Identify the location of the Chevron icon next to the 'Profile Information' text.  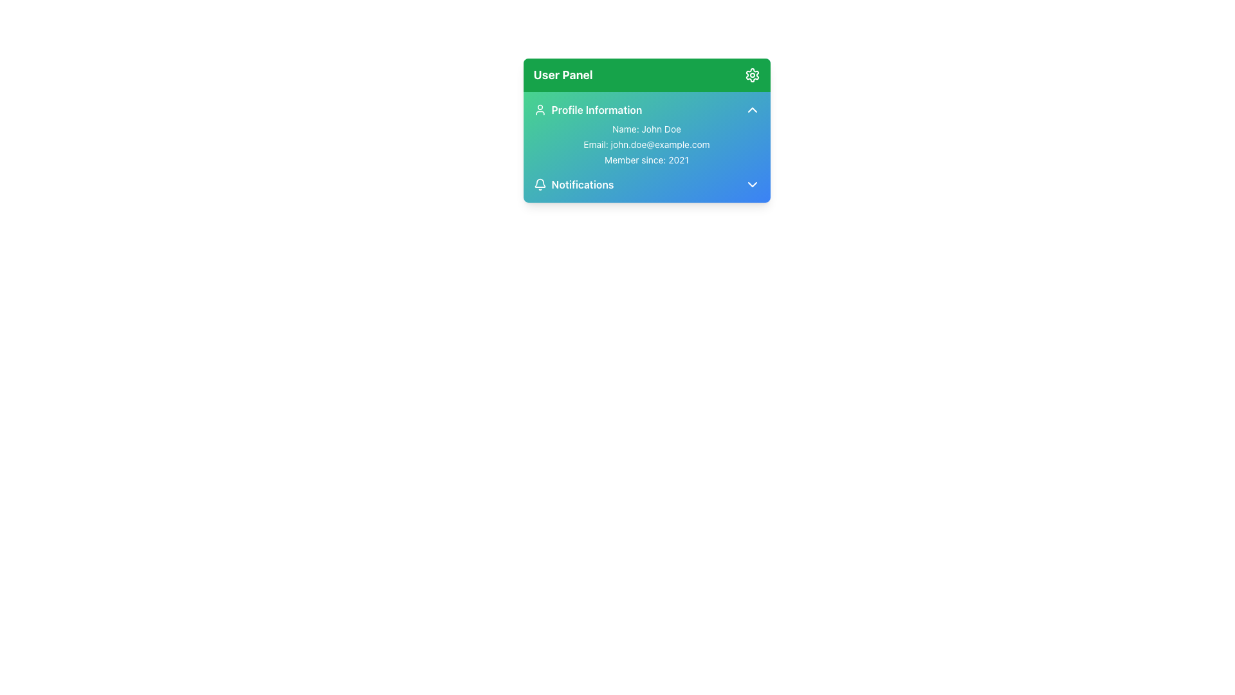
(752, 109).